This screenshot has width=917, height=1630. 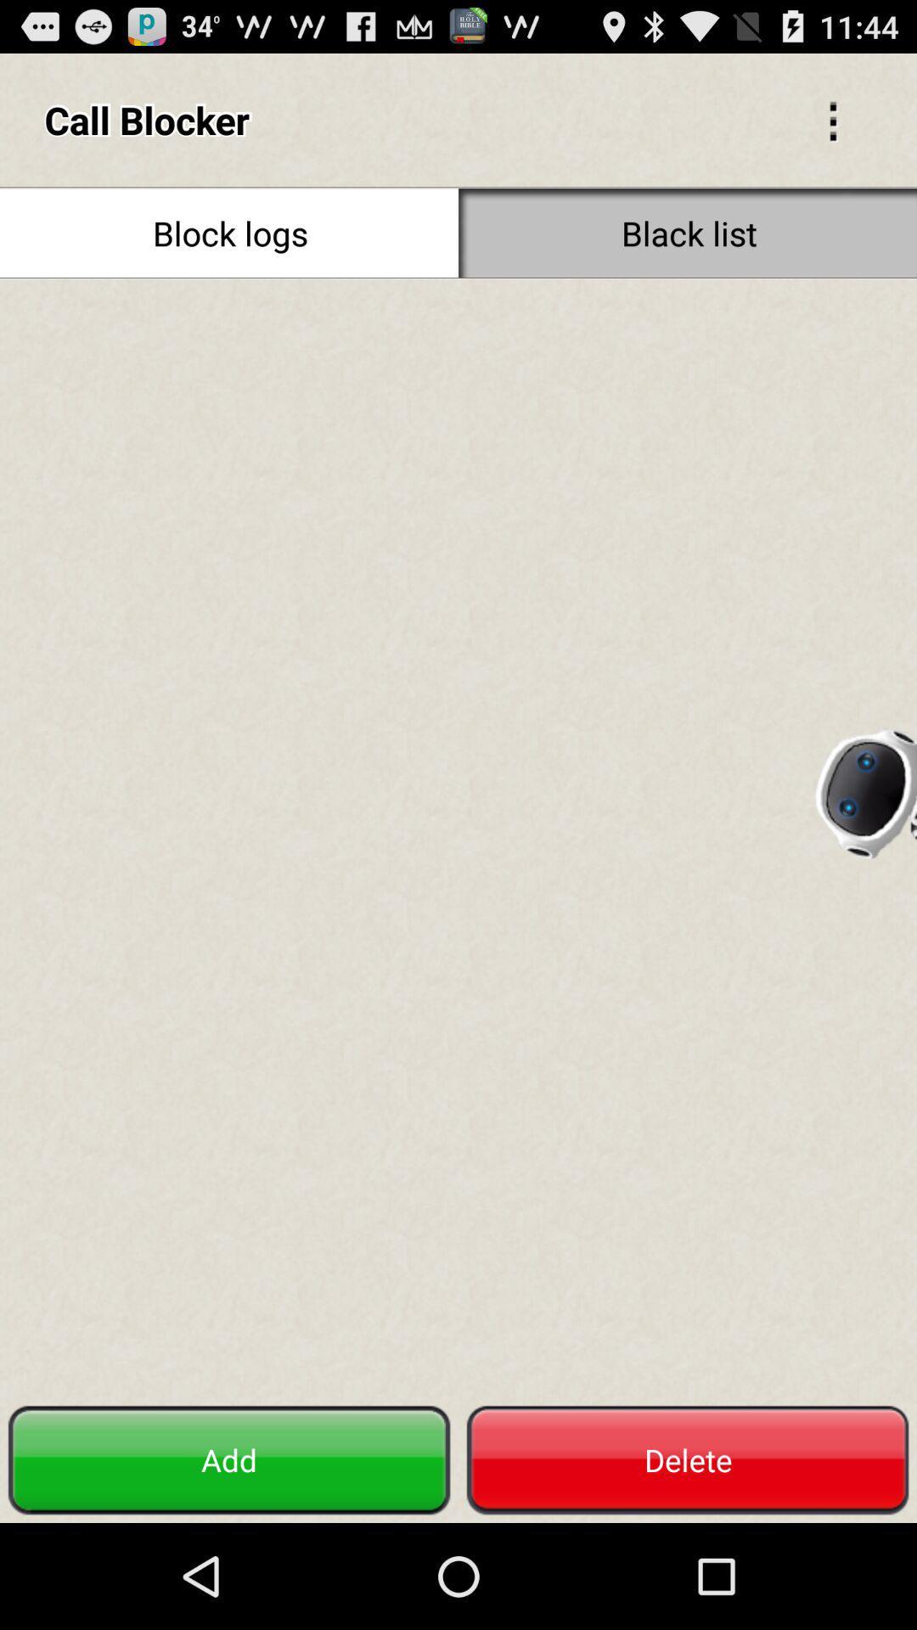 What do you see at coordinates (688, 1459) in the screenshot?
I see `the item to the right of the add button` at bounding box center [688, 1459].